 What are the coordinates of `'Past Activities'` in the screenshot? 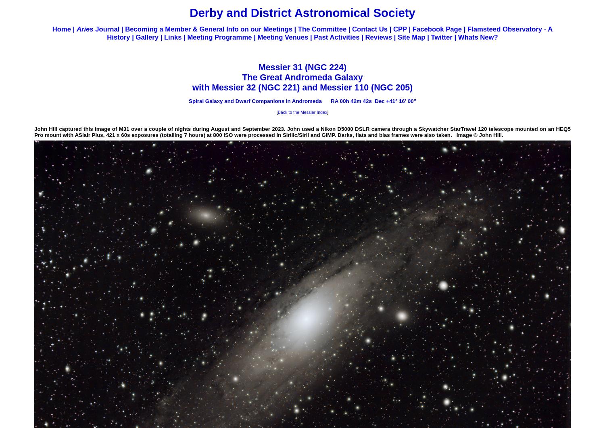 It's located at (336, 37).